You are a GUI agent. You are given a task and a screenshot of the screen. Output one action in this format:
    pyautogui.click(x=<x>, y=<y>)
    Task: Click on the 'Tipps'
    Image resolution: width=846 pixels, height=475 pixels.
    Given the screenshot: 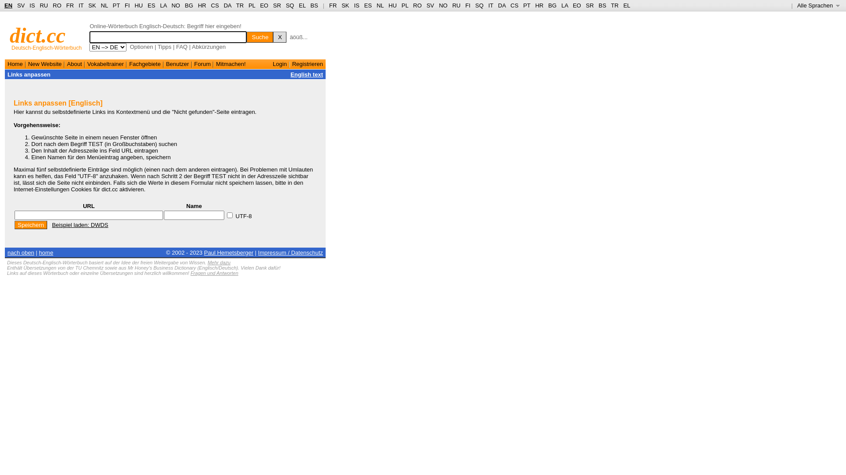 What is the action you would take?
    pyautogui.click(x=164, y=47)
    